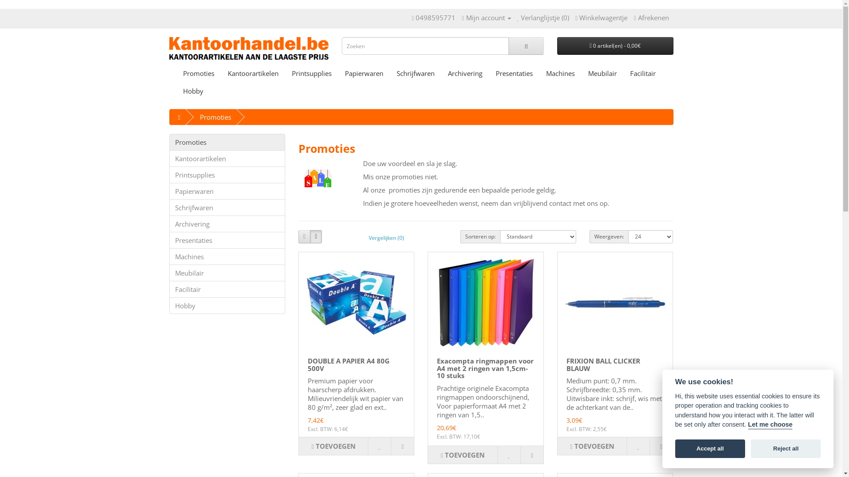 Image resolution: width=849 pixels, height=477 pixels. I want to click on 'Kantoorartikelen', so click(227, 158).